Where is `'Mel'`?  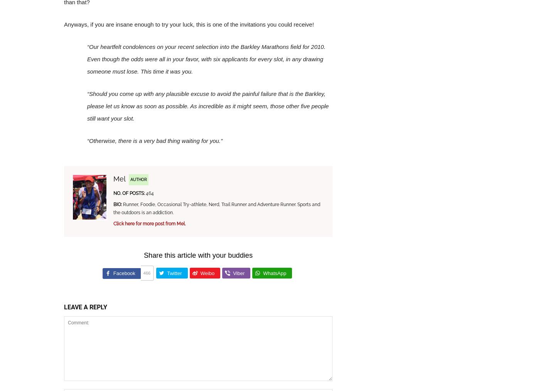 'Mel' is located at coordinates (119, 178).